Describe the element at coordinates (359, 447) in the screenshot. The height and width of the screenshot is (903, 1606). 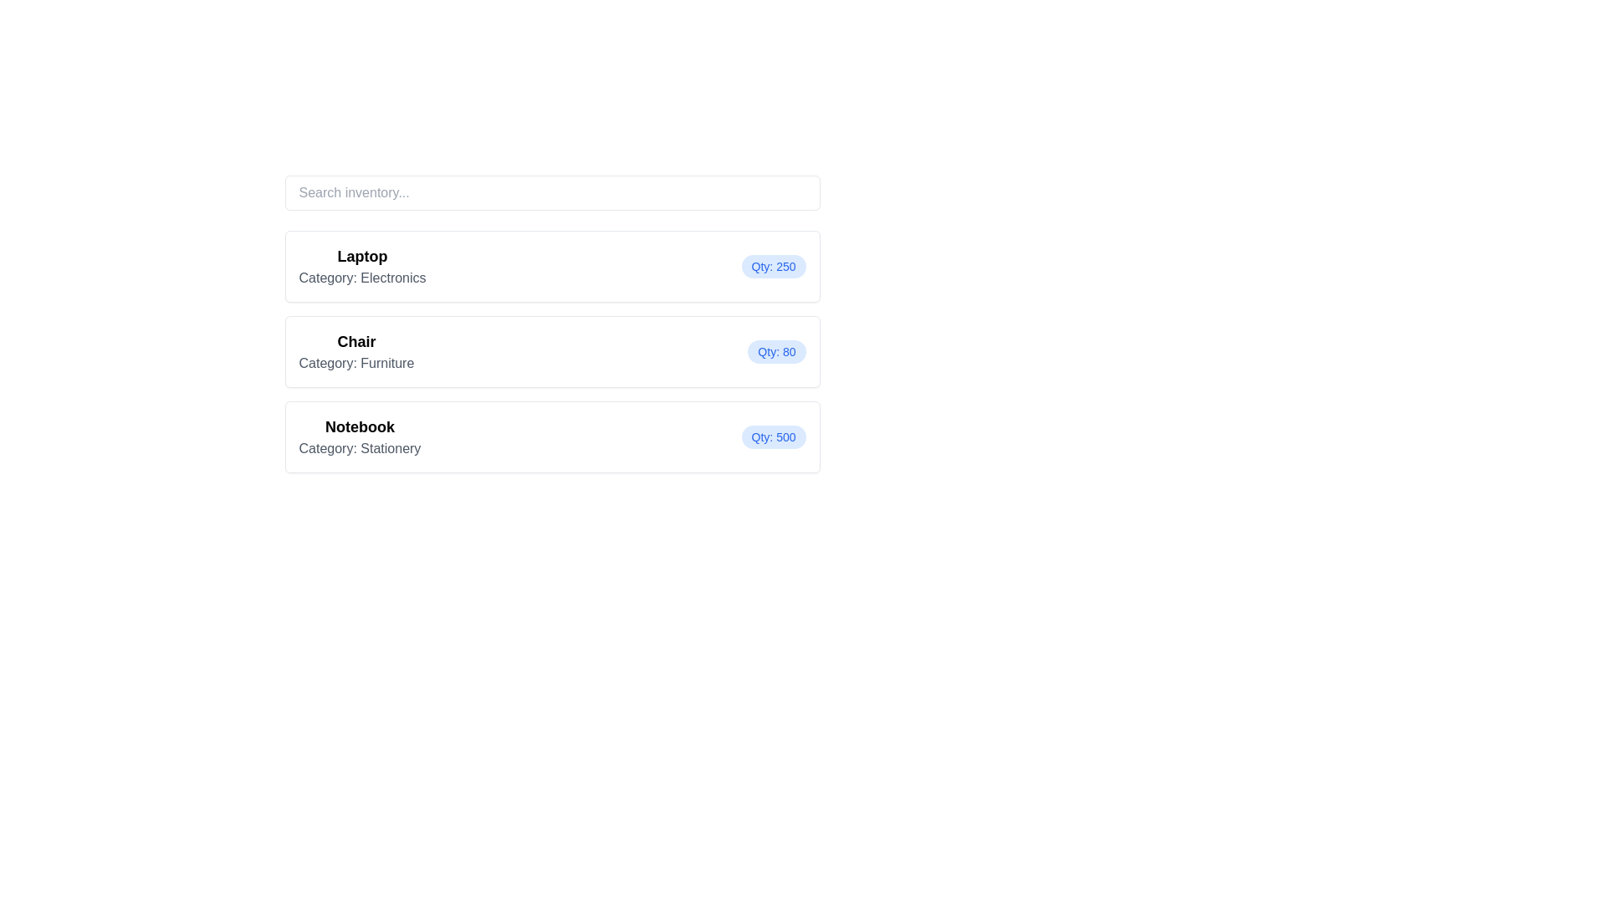
I see `information displayed in the Text label indicating the category 'Stationery', which is located directly under the 'Notebook' label` at that location.